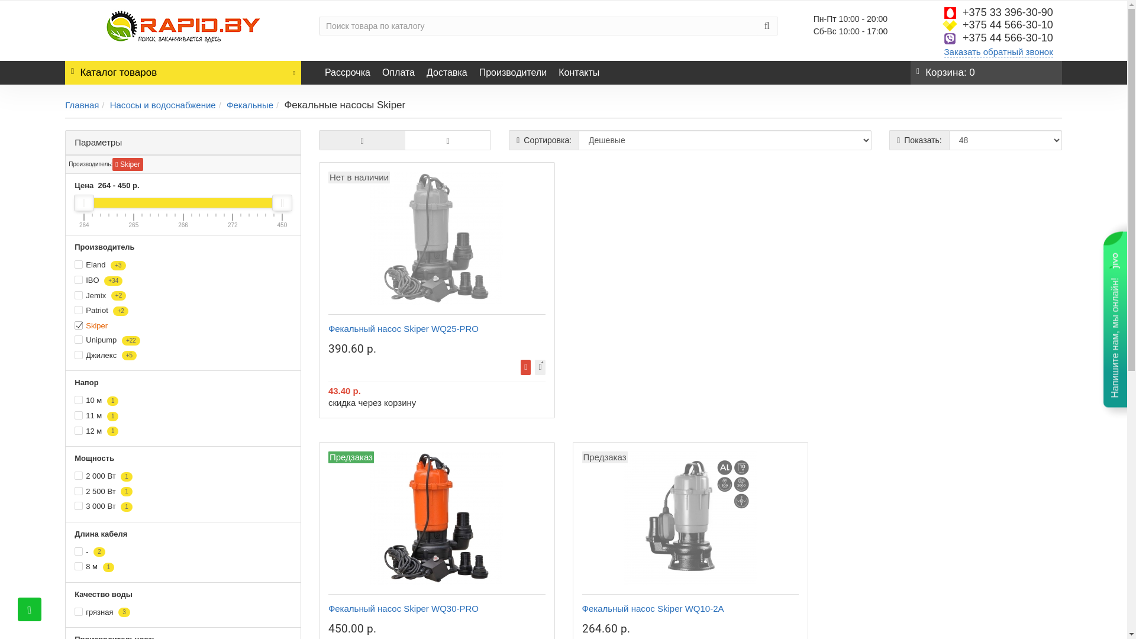 The image size is (1136, 639). Describe the element at coordinates (128, 164) in the screenshot. I see `'Skiper'` at that location.